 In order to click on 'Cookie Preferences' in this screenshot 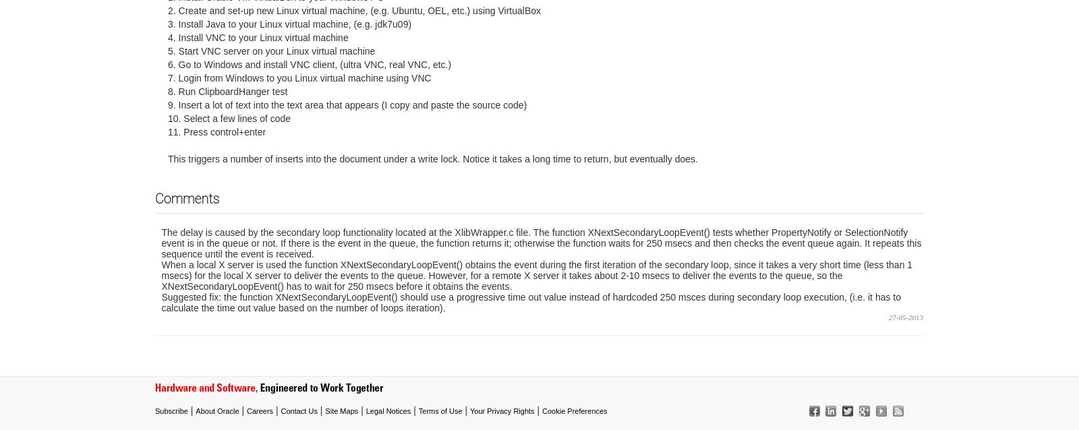, I will do `click(541, 409)`.